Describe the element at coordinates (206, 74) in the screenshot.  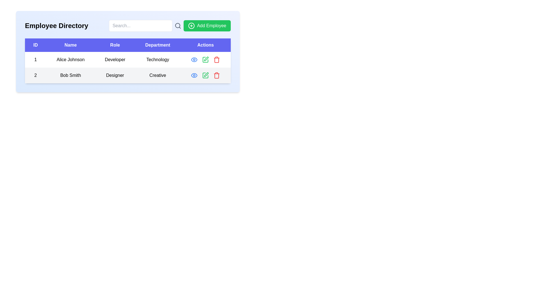
I see `the SVG icon representing a pen or pencil in the 'Actions' column of the second row in the data table, which symbolizes edit functionality` at that location.